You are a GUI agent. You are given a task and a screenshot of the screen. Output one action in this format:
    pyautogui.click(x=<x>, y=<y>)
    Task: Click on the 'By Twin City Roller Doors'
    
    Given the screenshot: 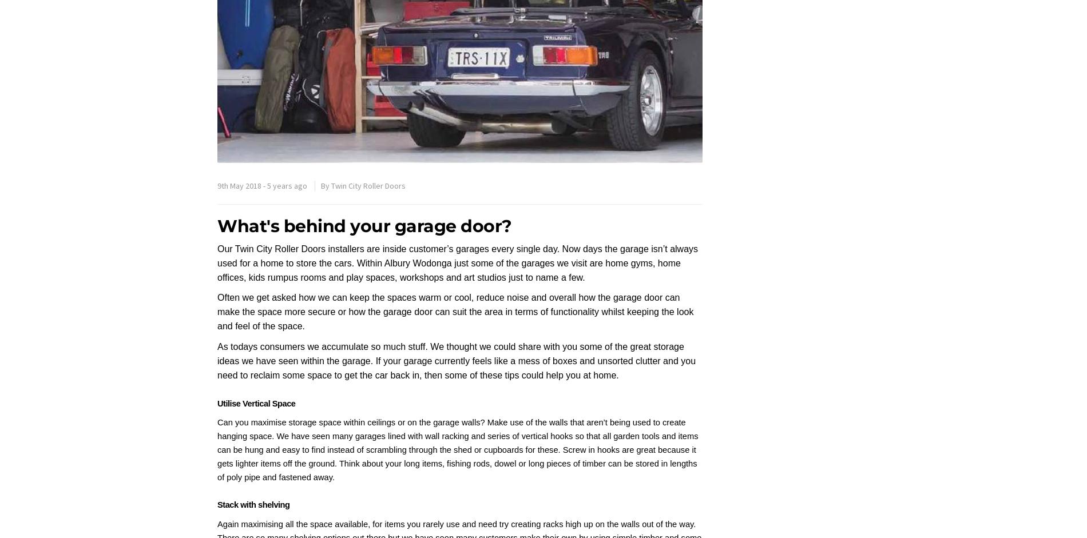 What is the action you would take?
    pyautogui.click(x=321, y=185)
    